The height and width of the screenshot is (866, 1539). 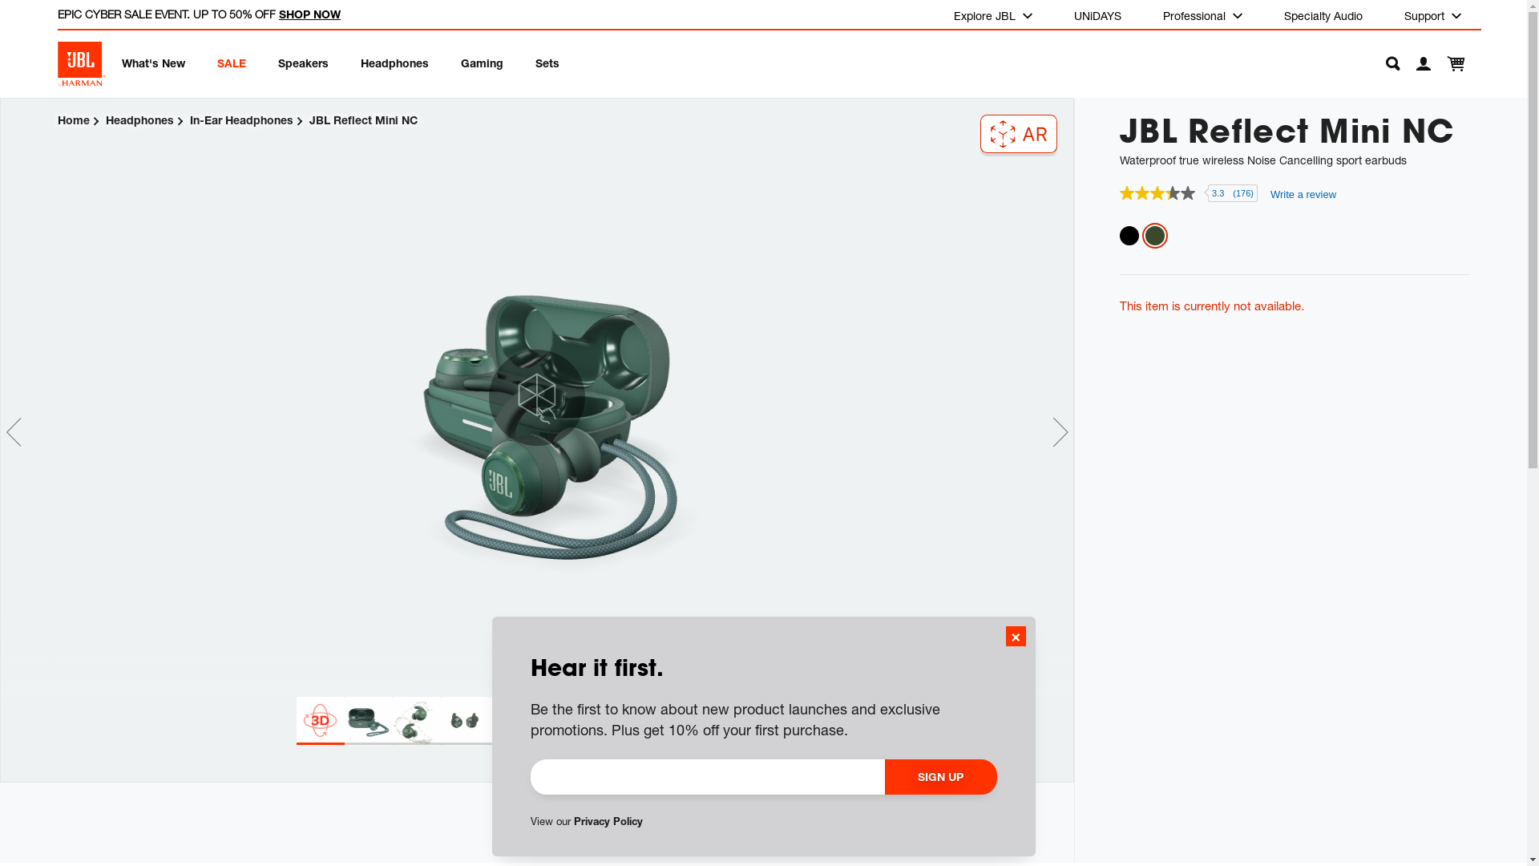 I want to click on 'SALE', so click(x=216, y=61).